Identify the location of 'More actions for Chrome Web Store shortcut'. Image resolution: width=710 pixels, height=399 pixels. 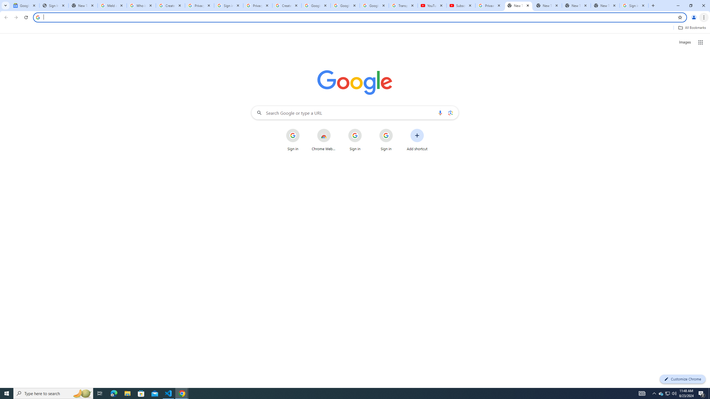
(334, 129).